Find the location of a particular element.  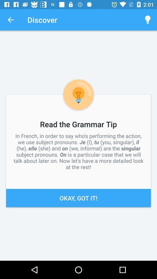

the okay, got it! item is located at coordinates (78, 198).